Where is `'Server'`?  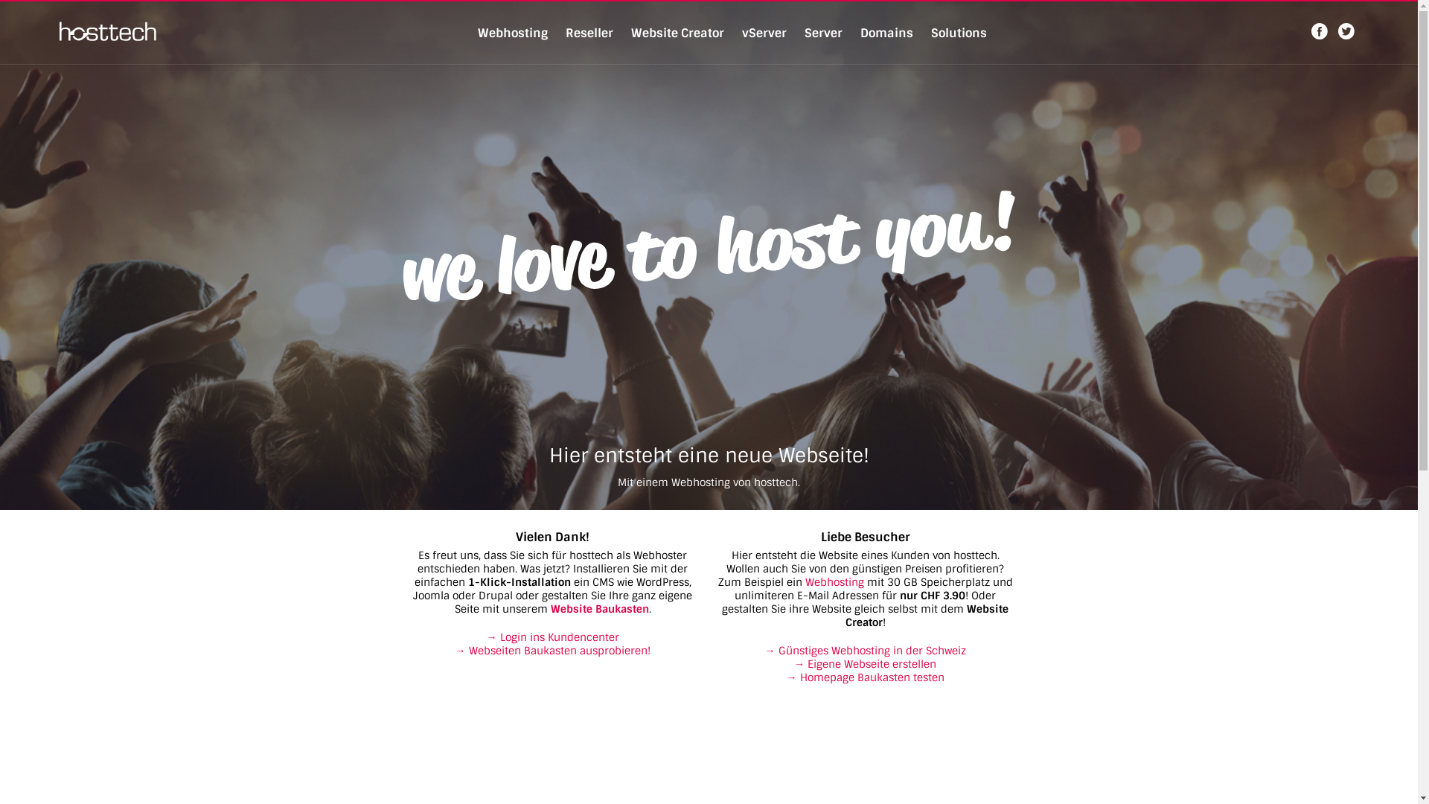 'Server' is located at coordinates (822, 33).